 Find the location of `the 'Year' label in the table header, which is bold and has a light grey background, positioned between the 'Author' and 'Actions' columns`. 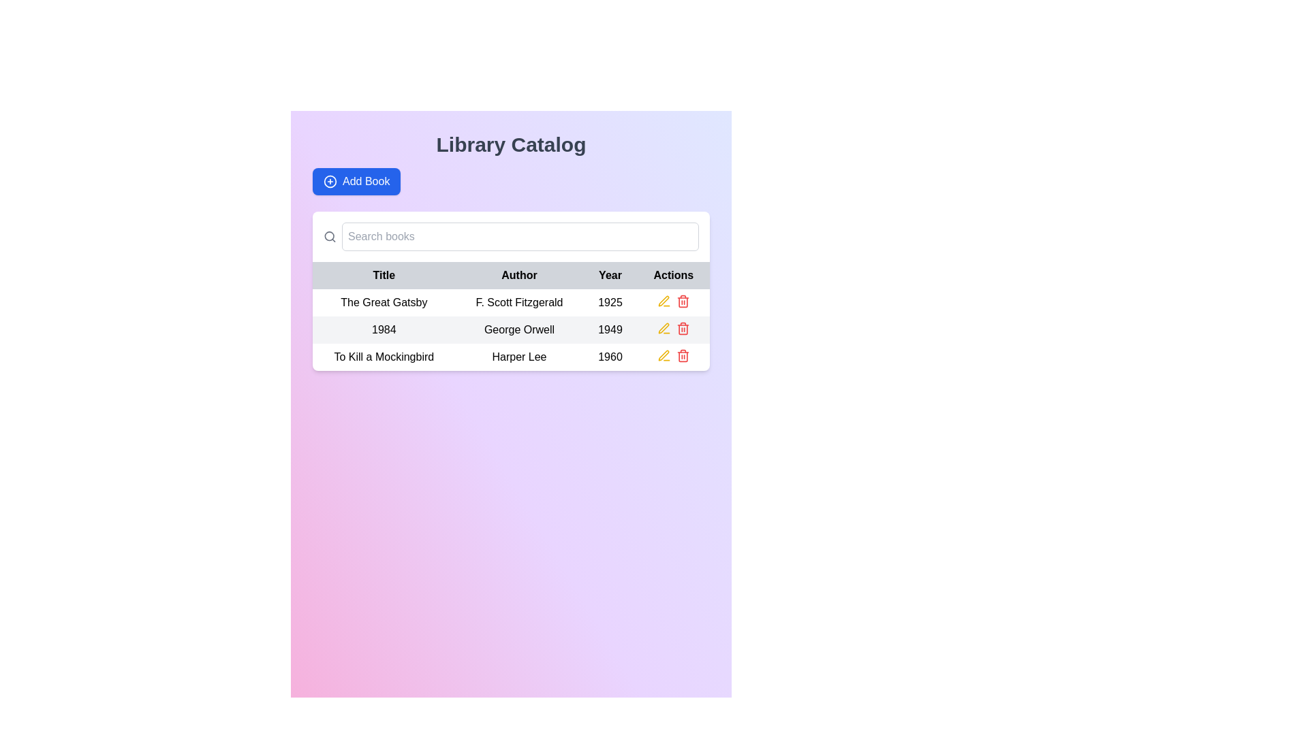

the 'Year' label in the table header, which is bold and has a light grey background, positioned between the 'Author' and 'Actions' columns is located at coordinates (610, 276).